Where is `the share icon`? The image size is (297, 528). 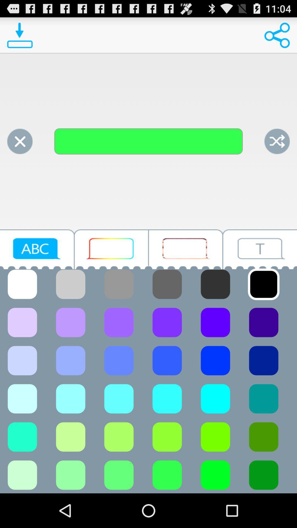
the share icon is located at coordinates (277, 37).